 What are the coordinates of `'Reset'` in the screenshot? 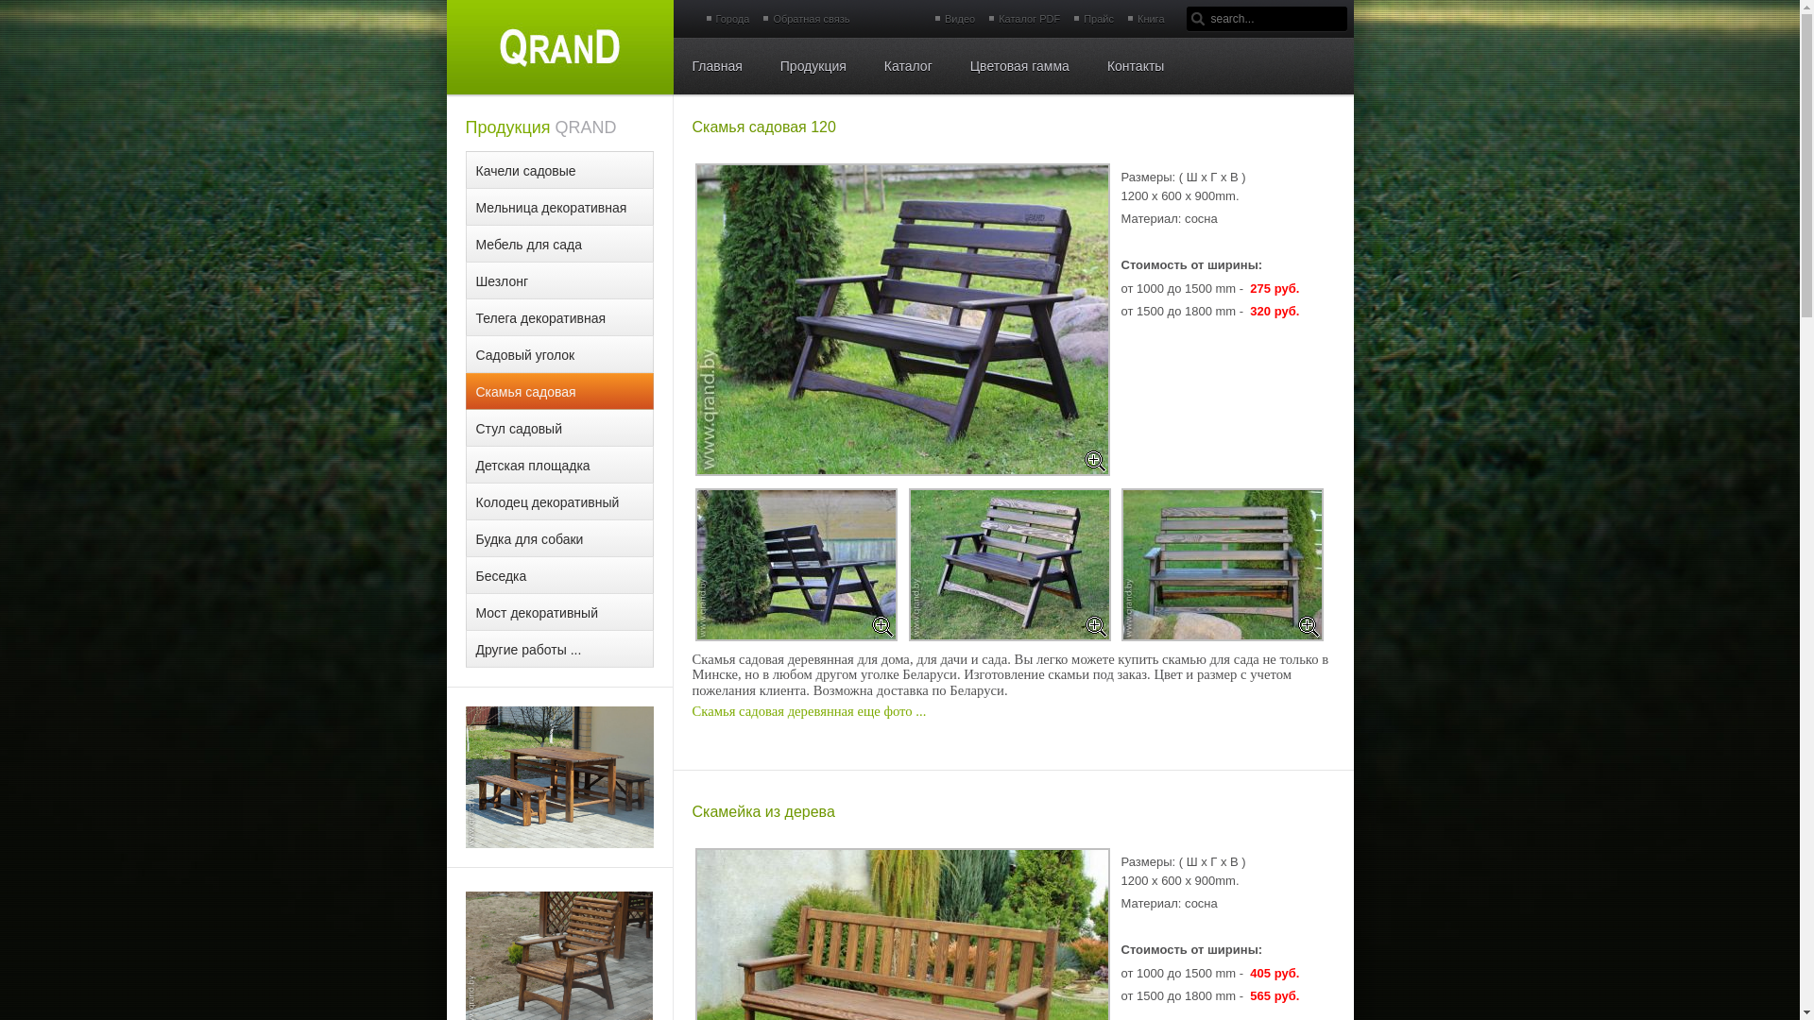 It's located at (0, 11).